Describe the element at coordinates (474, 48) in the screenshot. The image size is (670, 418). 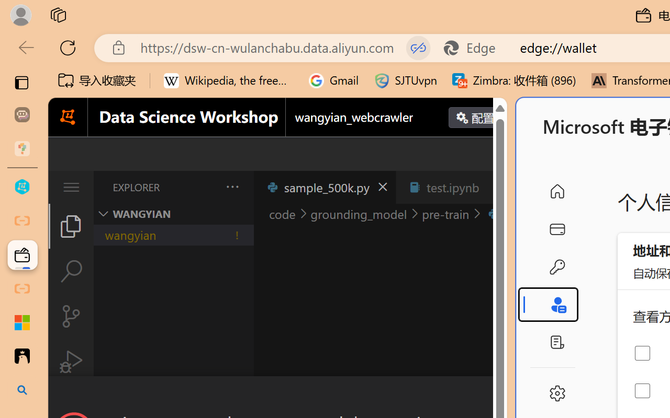
I see `'Edge'` at that location.